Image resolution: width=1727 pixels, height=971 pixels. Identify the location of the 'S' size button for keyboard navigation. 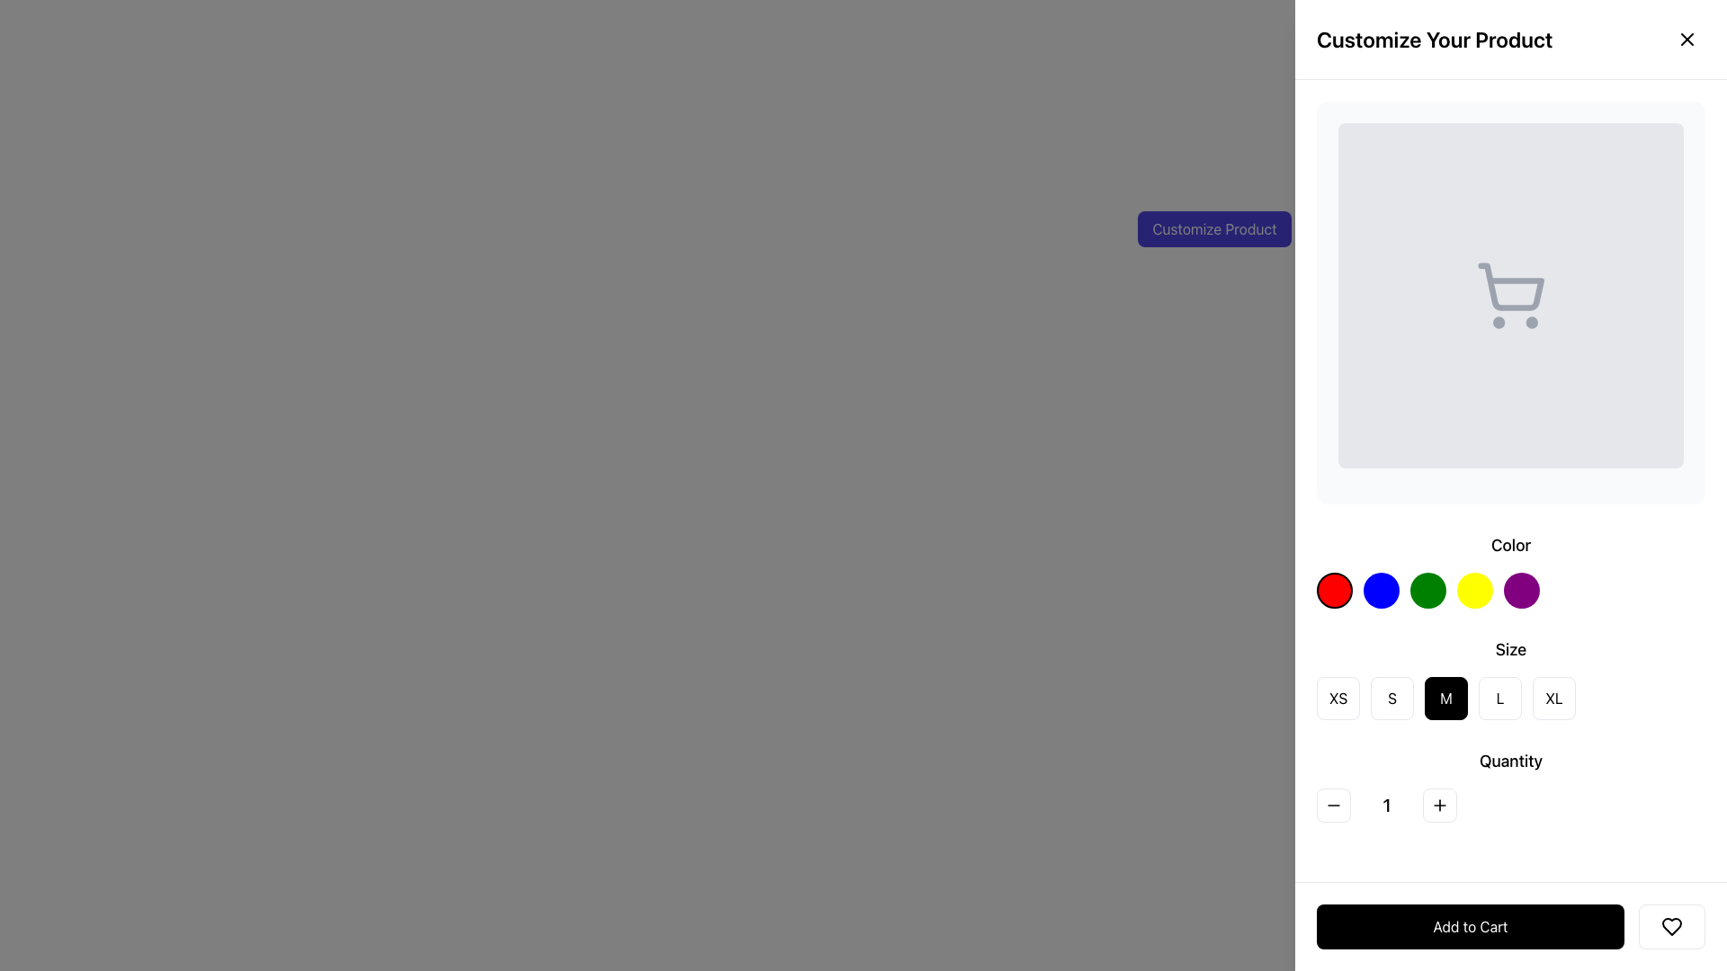
(1391, 697).